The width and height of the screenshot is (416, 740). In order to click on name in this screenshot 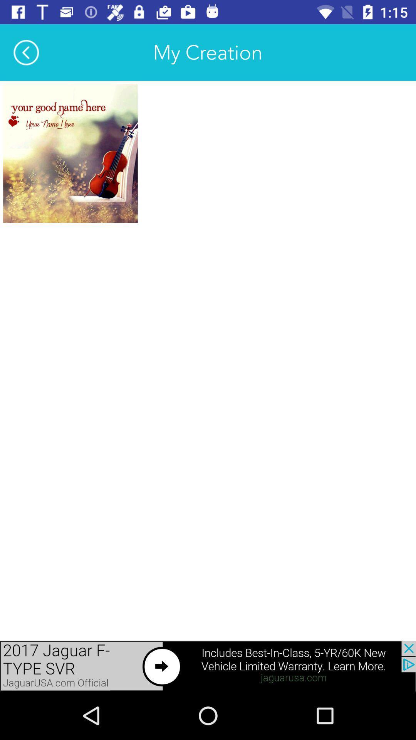, I will do `click(70, 153)`.